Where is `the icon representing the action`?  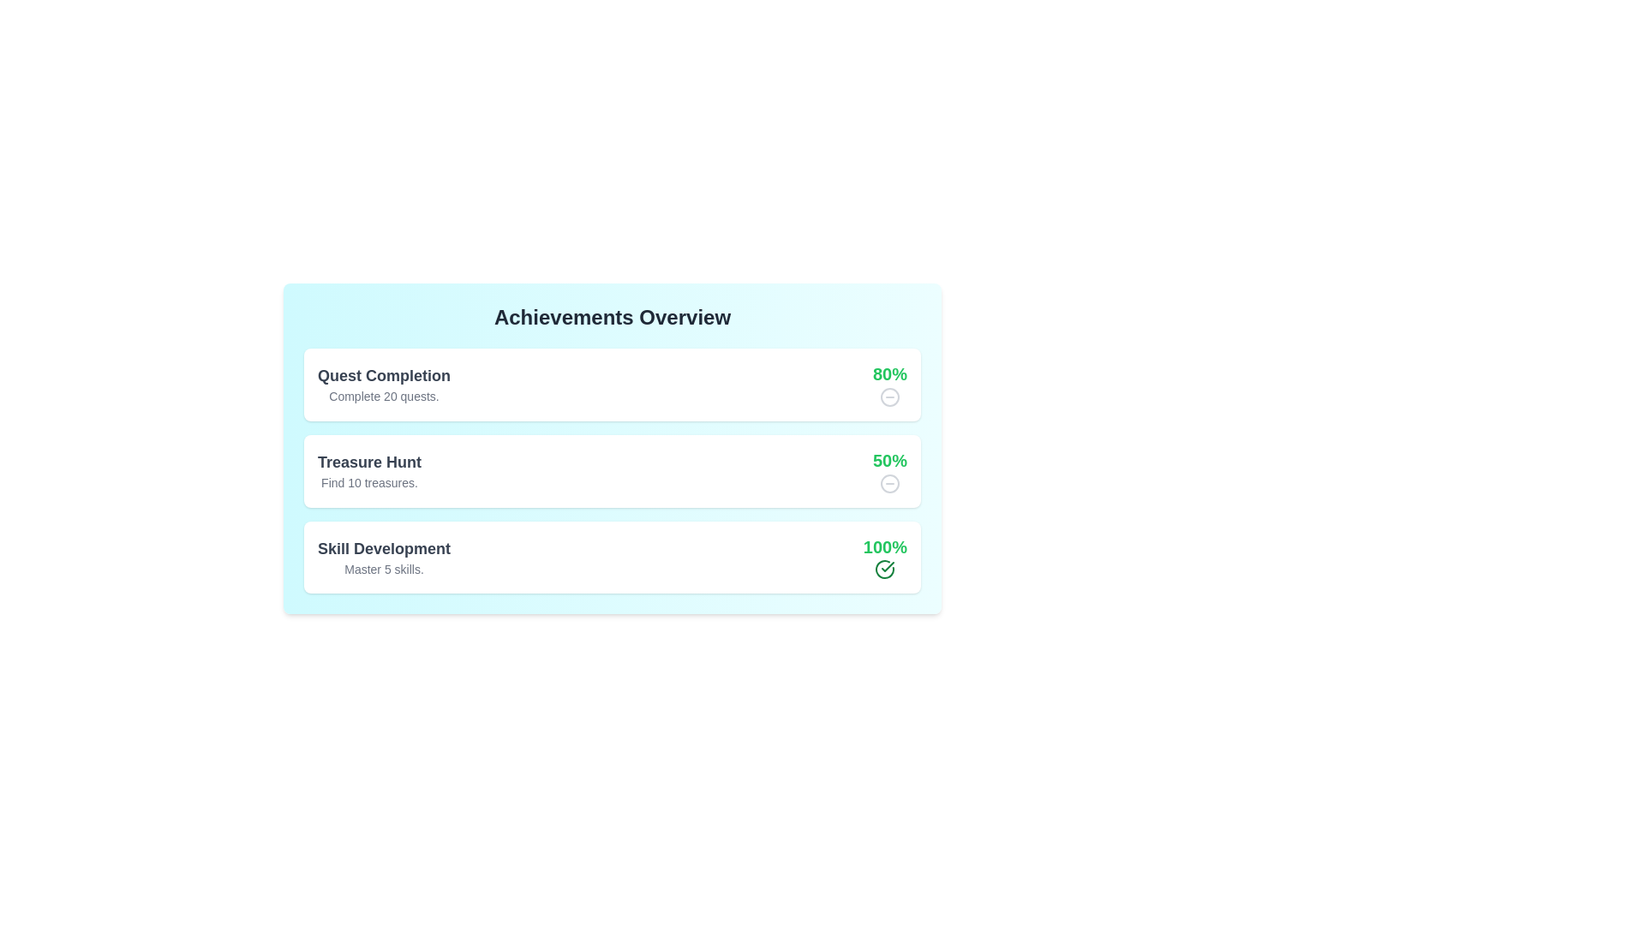 the icon representing the action is located at coordinates (889, 397).